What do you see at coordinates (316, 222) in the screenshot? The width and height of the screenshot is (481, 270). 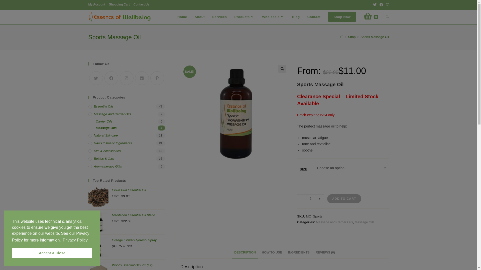 I see `'Massage and Carrier Oils'` at bounding box center [316, 222].